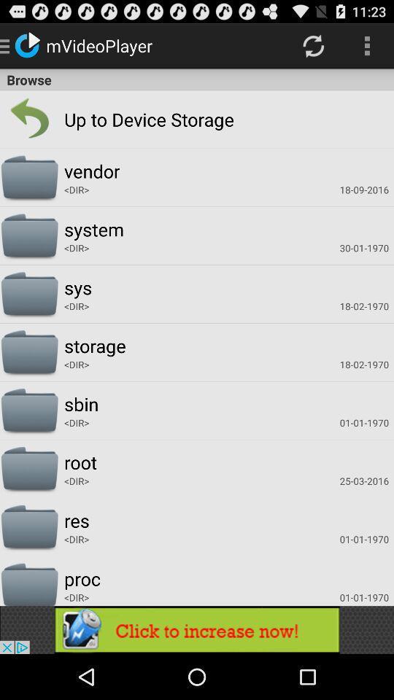 Image resolution: width=394 pixels, height=700 pixels. I want to click on the app above the browse icon, so click(312, 45).